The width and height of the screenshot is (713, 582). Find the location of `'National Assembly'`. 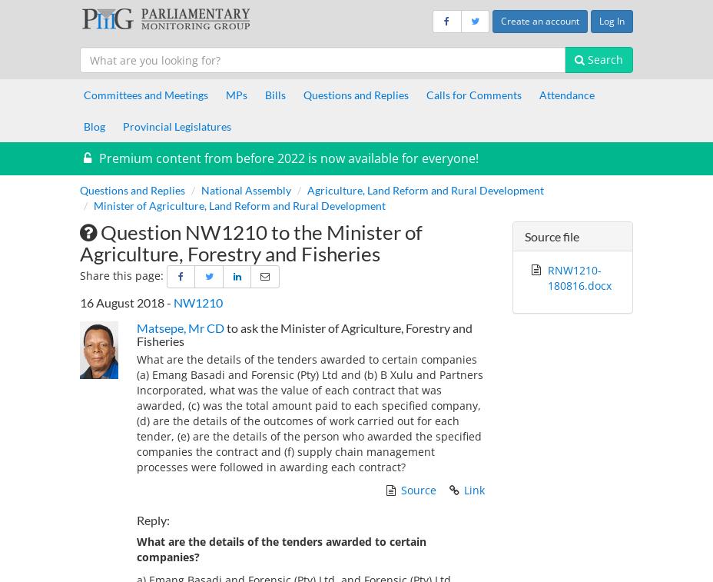

'National Assembly' is located at coordinates (245, 188).